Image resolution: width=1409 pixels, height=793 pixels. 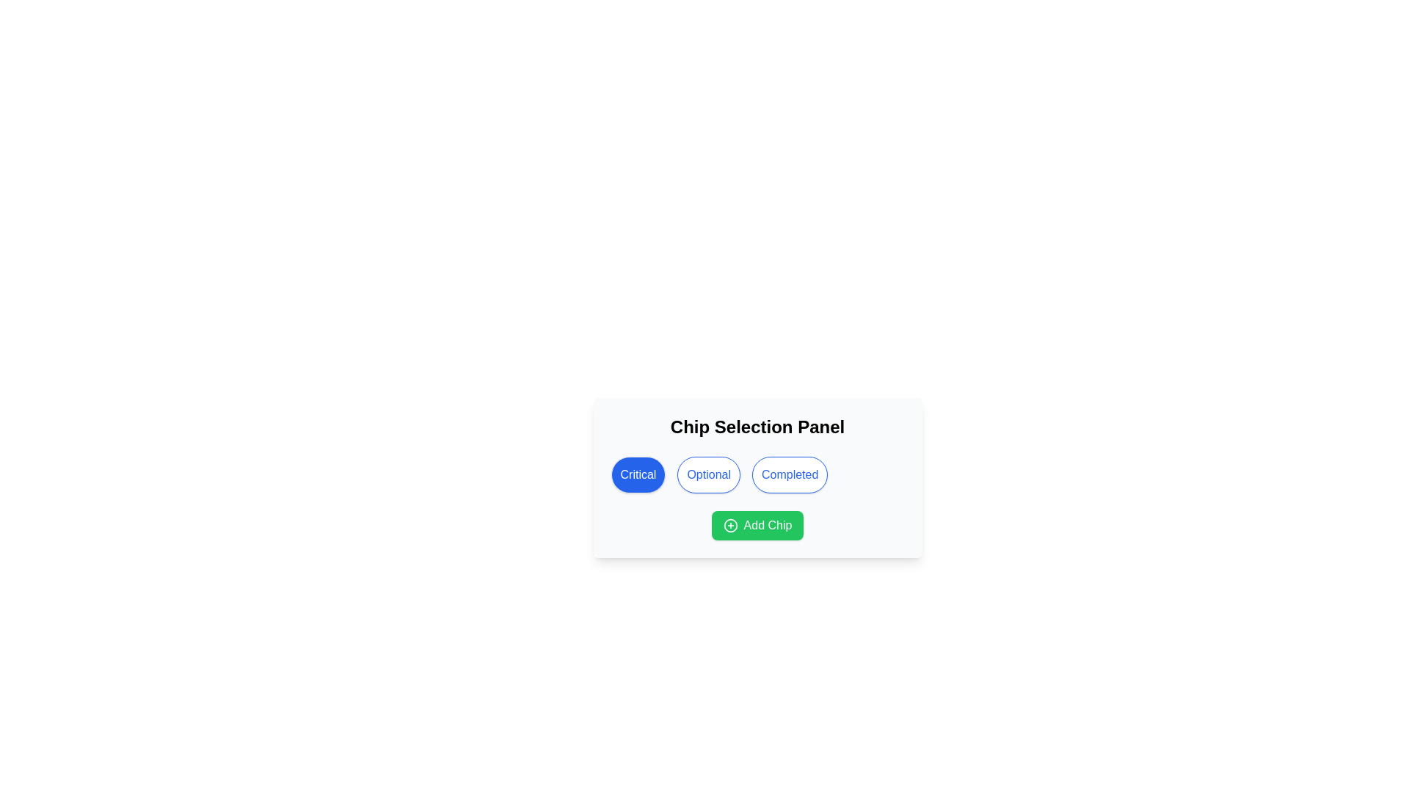 What do you see at coordinates (638, 475) in the screenshot?
I see `the chip labeled Critical` at bounding box center [638, 475].